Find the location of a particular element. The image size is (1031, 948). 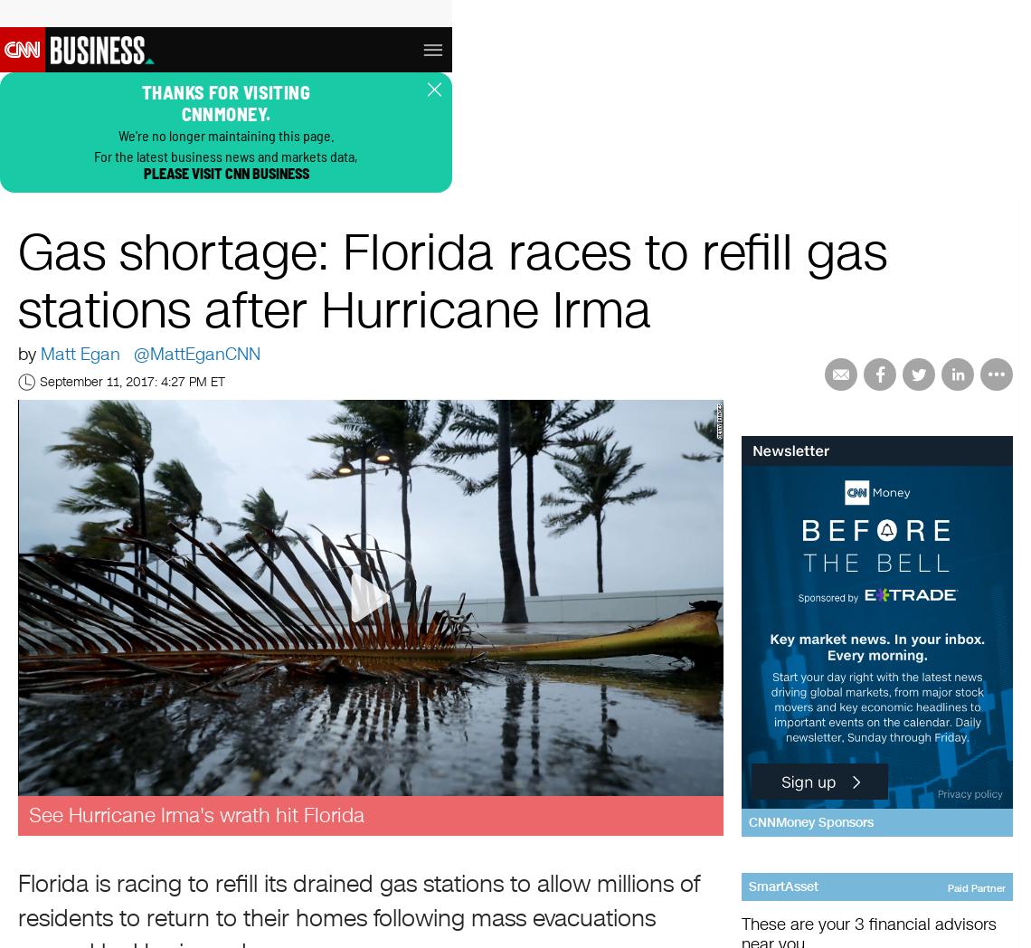

'please visit CNN
            Business' is located at coordinates (224, 172).